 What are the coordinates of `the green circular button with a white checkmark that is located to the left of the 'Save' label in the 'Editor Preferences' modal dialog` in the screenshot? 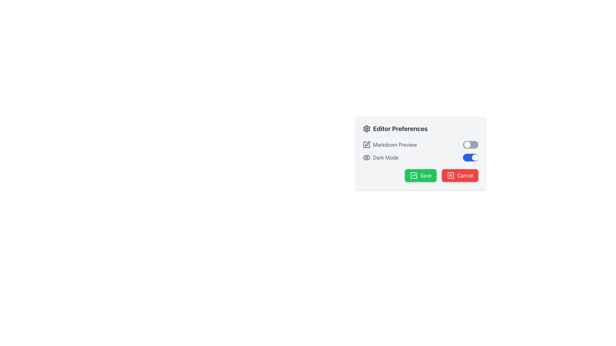 It's located at (414, 175).